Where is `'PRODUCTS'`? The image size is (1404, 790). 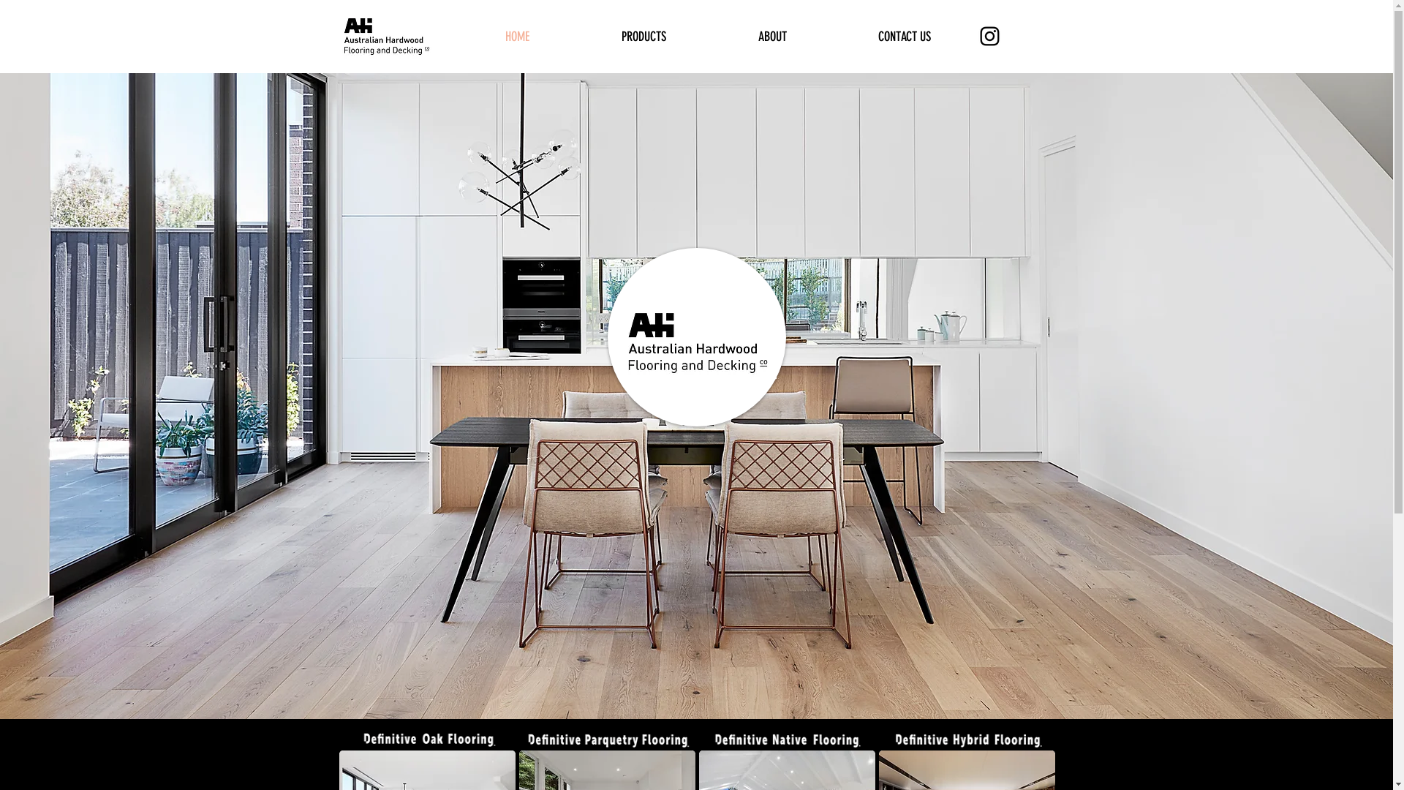
'PRODUCTS' is located at coordinates (643, 36).